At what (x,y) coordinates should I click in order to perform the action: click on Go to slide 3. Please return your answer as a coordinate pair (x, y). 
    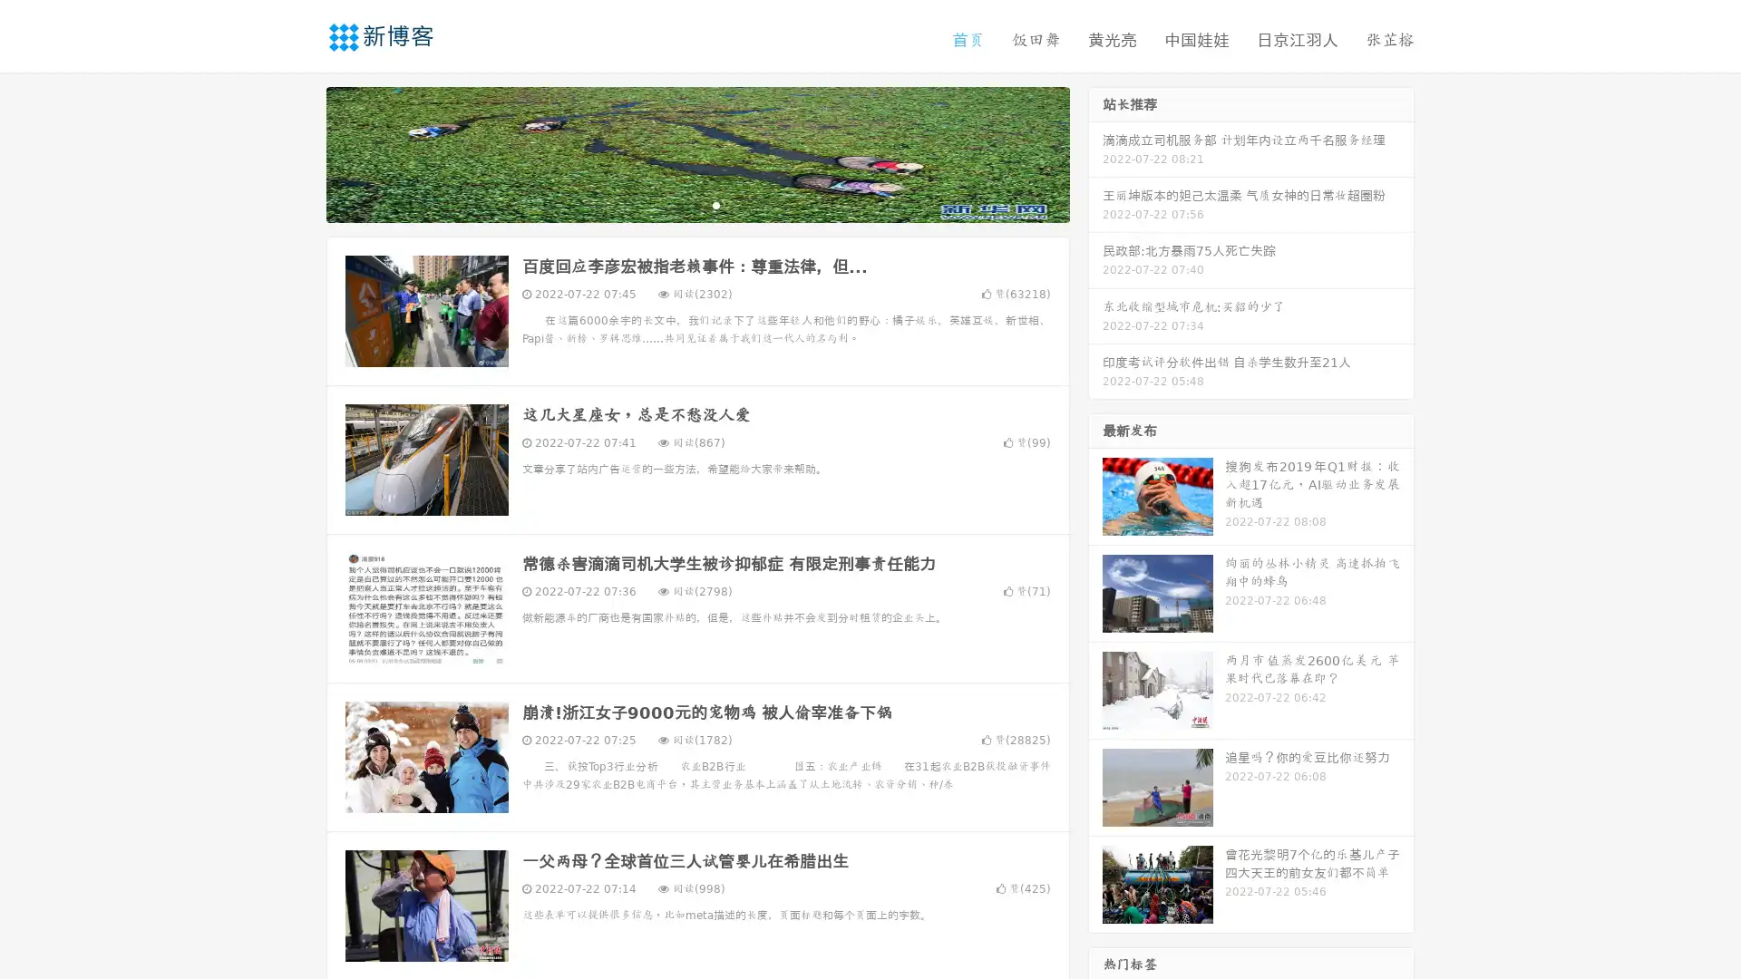
    Looking at the image, I should click on (715, 204).